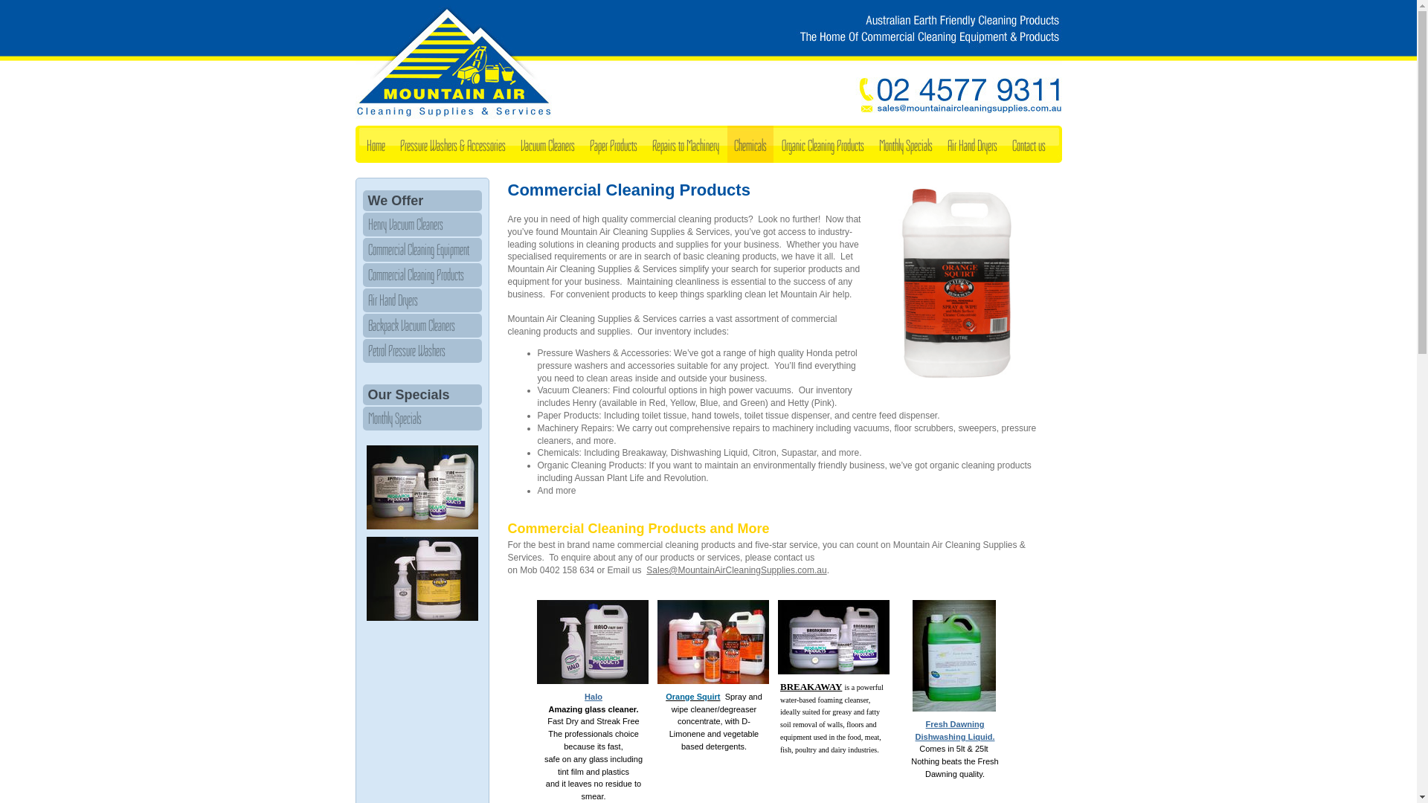  I want to click on 'Organic Cleaning Products', so click(822, 143).